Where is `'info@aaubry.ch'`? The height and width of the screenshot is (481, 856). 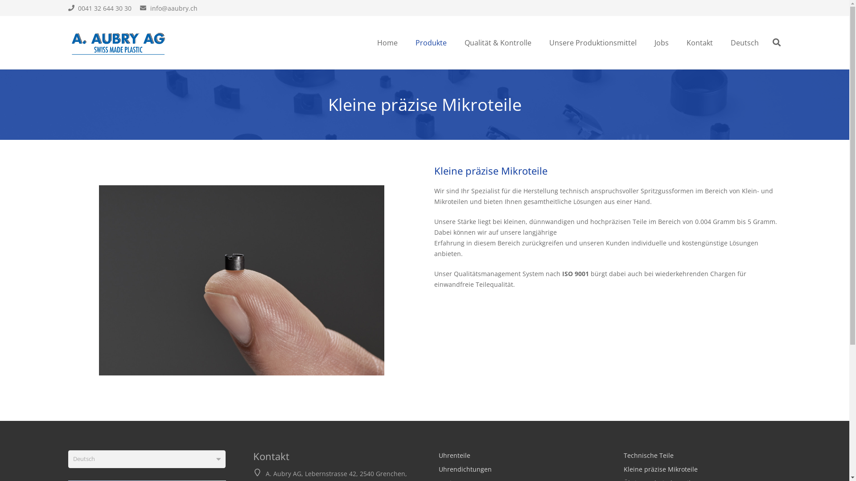 'info@aaubry.ch' is located at coordinates (169, 8).